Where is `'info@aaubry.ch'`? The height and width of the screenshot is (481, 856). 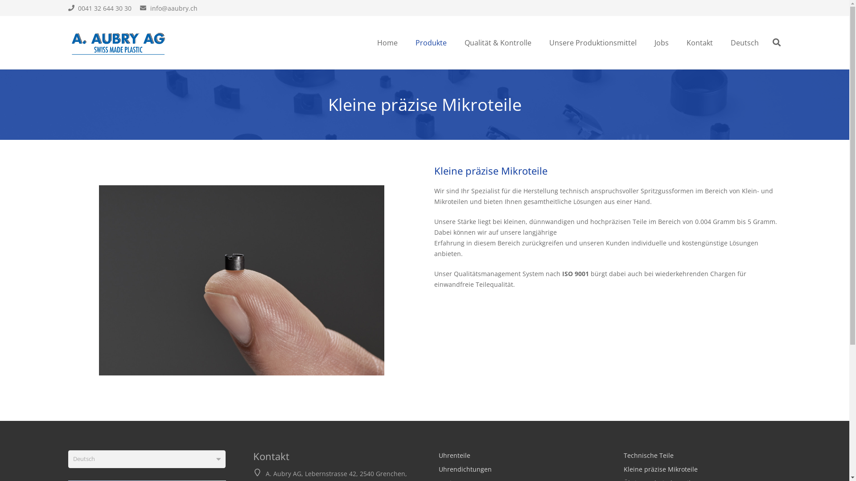 'info@aaubry.ch' is located at coordinates (169, 8).